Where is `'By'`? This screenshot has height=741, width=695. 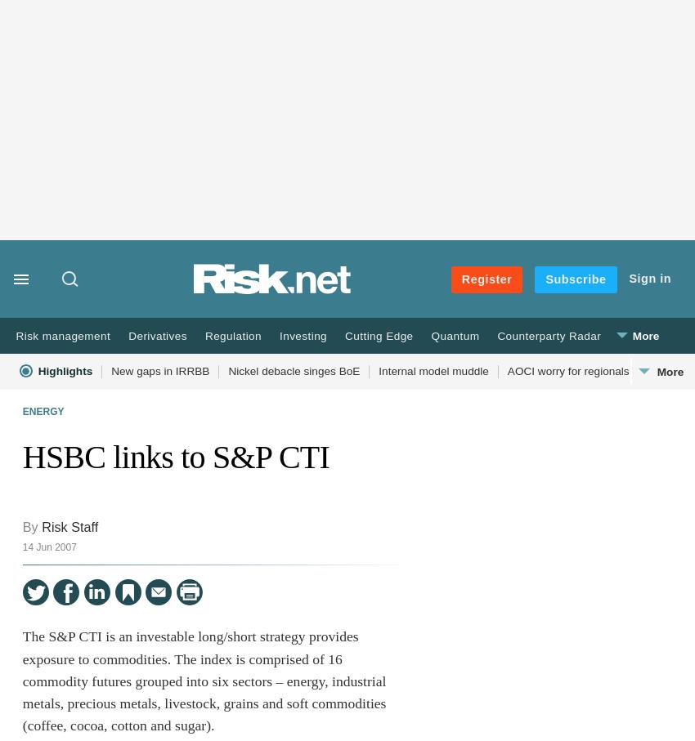
'By' is located at coordinates (21, 525).